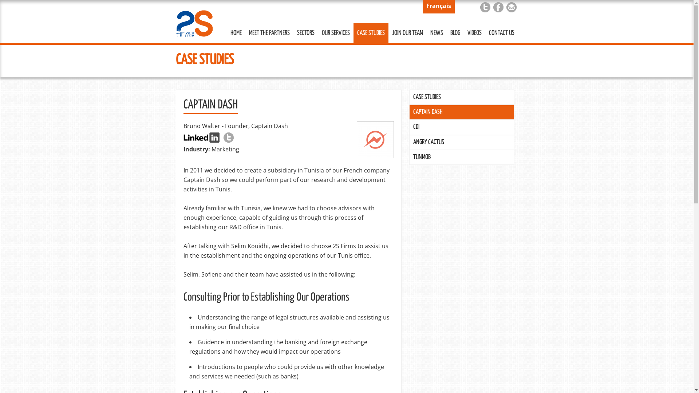 The image size is (699, 393). Describe the element at coordinates (510, 7) in the screenshot. I see `'Mail'` at that location.